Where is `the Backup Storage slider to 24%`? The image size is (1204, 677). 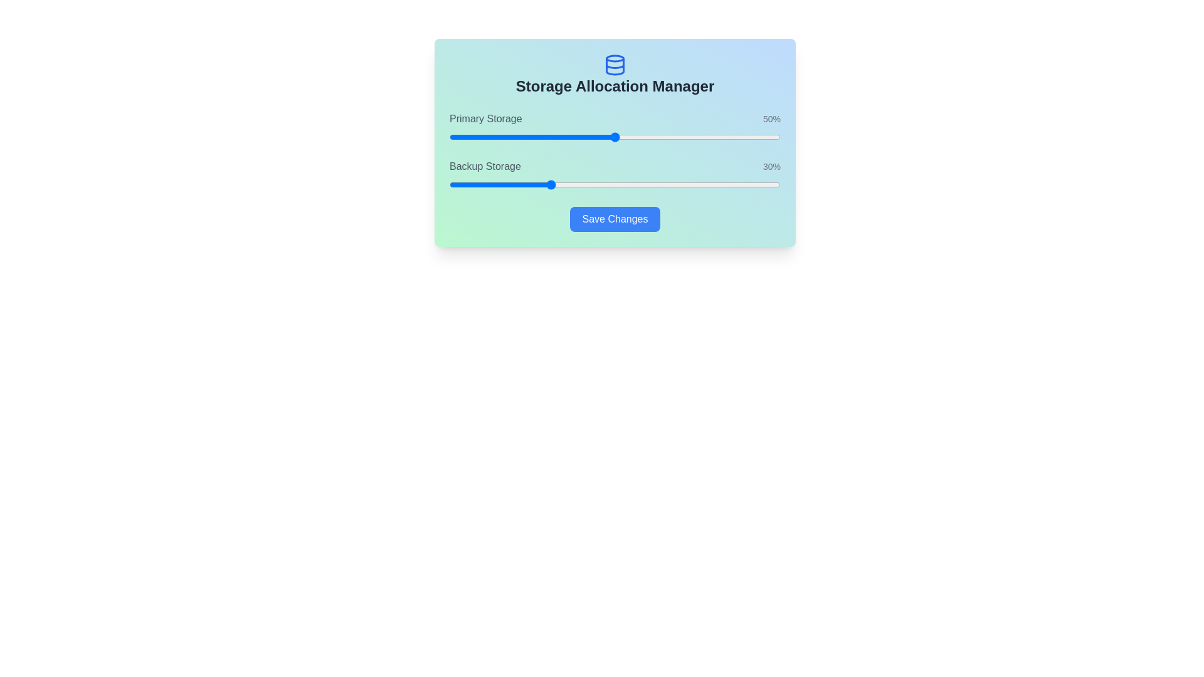
the Backup Storage slider to 24% is located at coordinates (529, 184).